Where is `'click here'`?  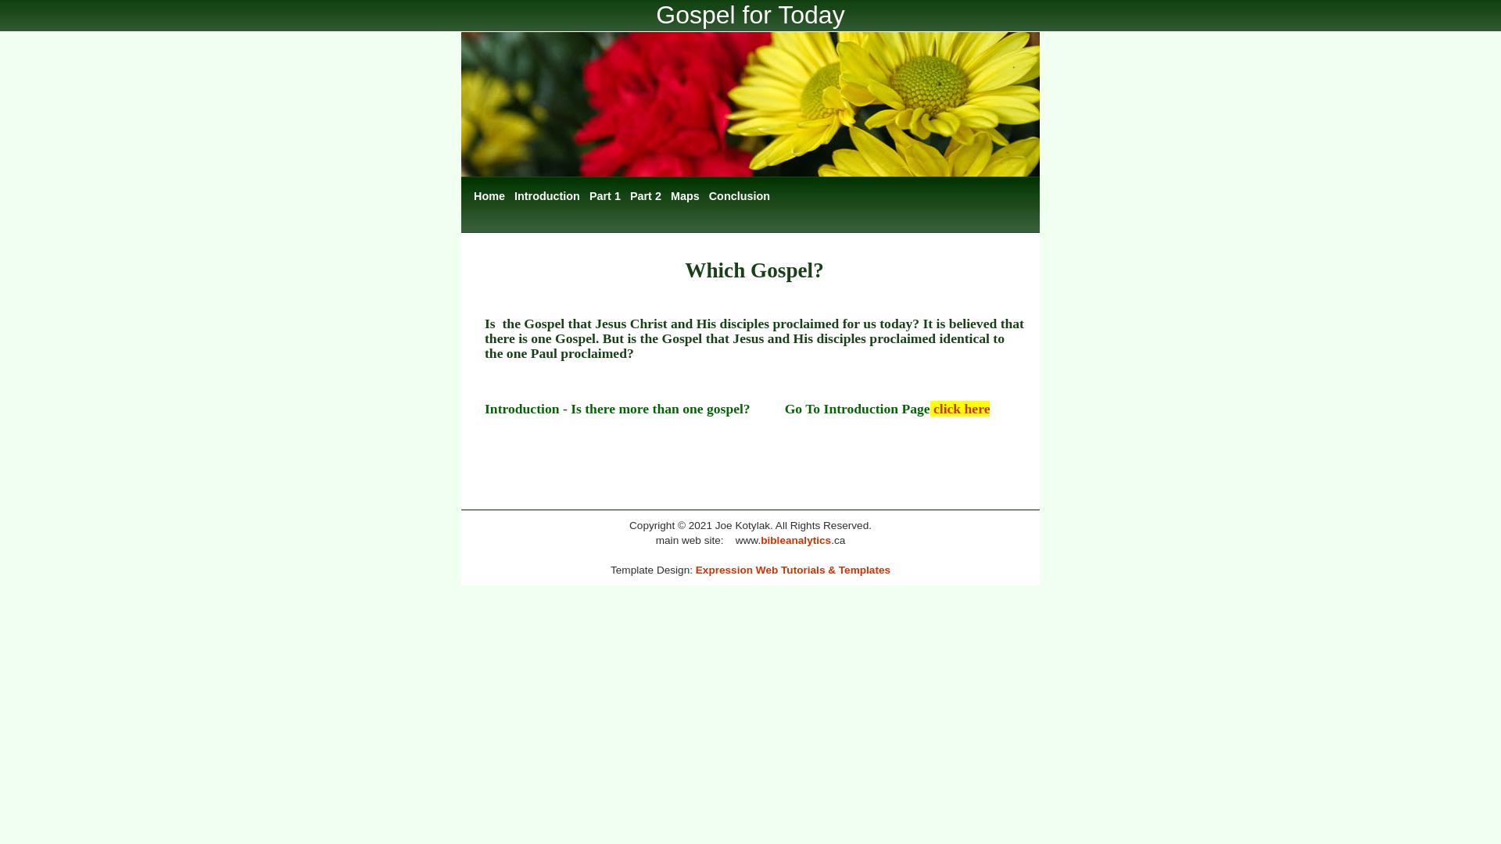 'click here' is located at coordinates (960, 408).